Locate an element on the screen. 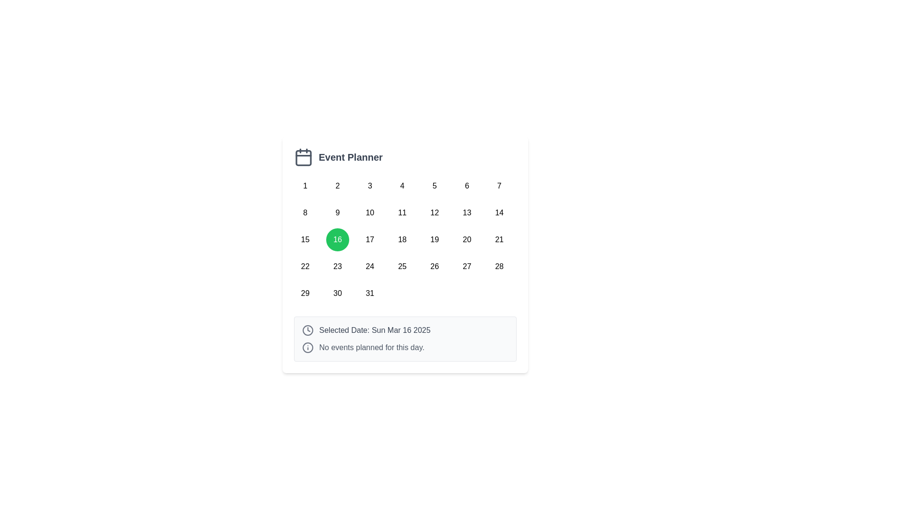 The image size is (921, 518). the button that allows users to select the 24th day of the month in the calendar located under the 'Event Planner' header is located at coordinates (369, 266).